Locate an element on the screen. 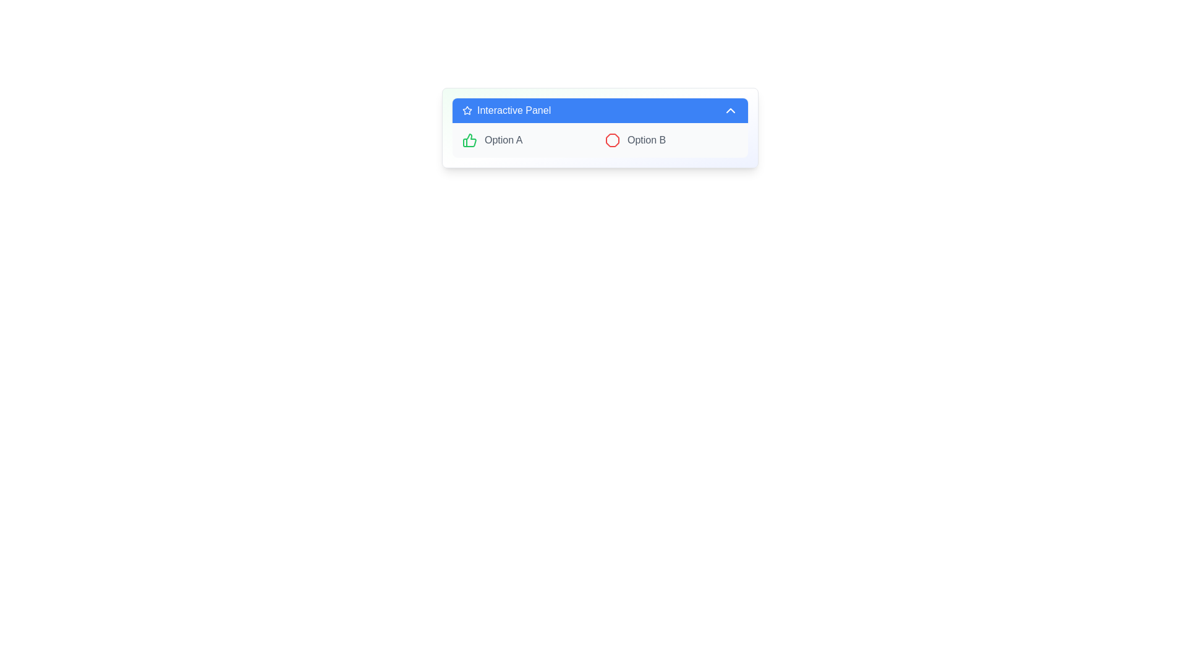  the chevron-up icon on the right side of the blue header bar labeled 'Interactive Panel' is located at coordinates (730, 109).